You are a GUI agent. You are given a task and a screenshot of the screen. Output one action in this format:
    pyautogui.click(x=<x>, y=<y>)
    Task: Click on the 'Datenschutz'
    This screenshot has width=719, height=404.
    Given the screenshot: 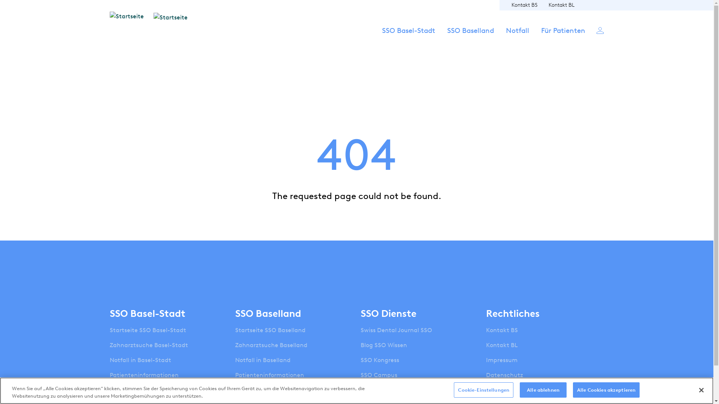 What is the action you would take?
    pyautogui.click(x=486, y=375)
    